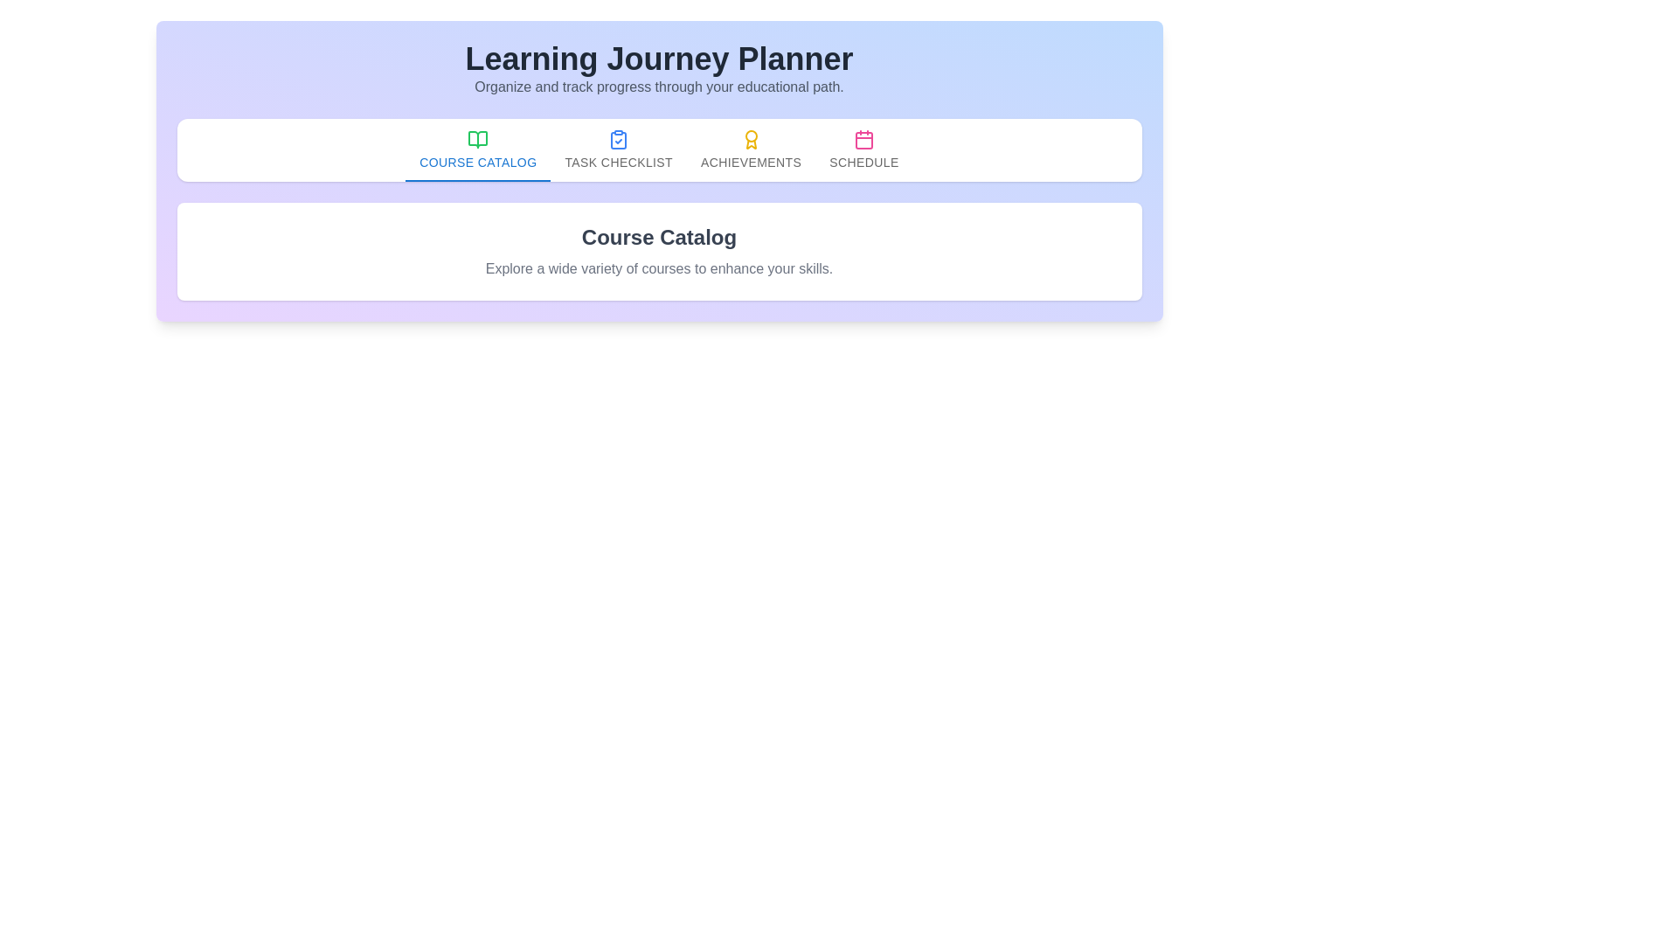 The height and width of the screenshot is (944, 1678). Describe the element at coordinates (619, 139) in the screenshot. I see `the clipboard icon with a checkmark representing task completion, which is the second icon from the left` at that location.